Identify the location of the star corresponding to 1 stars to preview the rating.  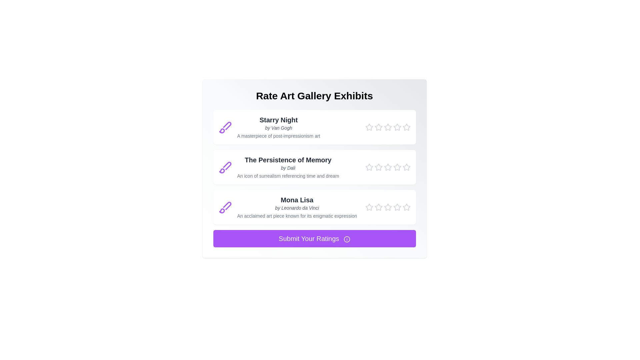
(369, 127).